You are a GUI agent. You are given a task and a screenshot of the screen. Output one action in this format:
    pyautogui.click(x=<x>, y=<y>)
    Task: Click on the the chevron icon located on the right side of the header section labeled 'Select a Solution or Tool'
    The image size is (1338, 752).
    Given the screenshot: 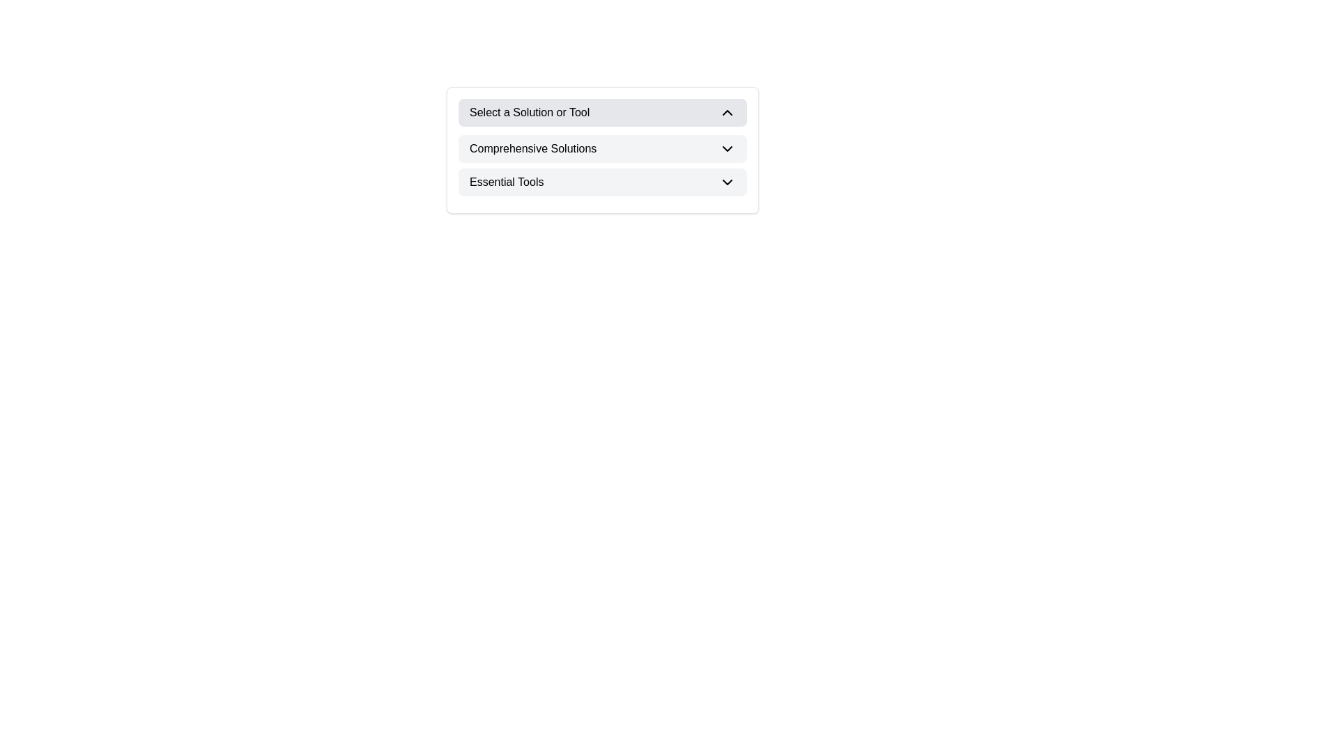 What is the action you would take?
    pyautogui.click(x=726, y=112)
    